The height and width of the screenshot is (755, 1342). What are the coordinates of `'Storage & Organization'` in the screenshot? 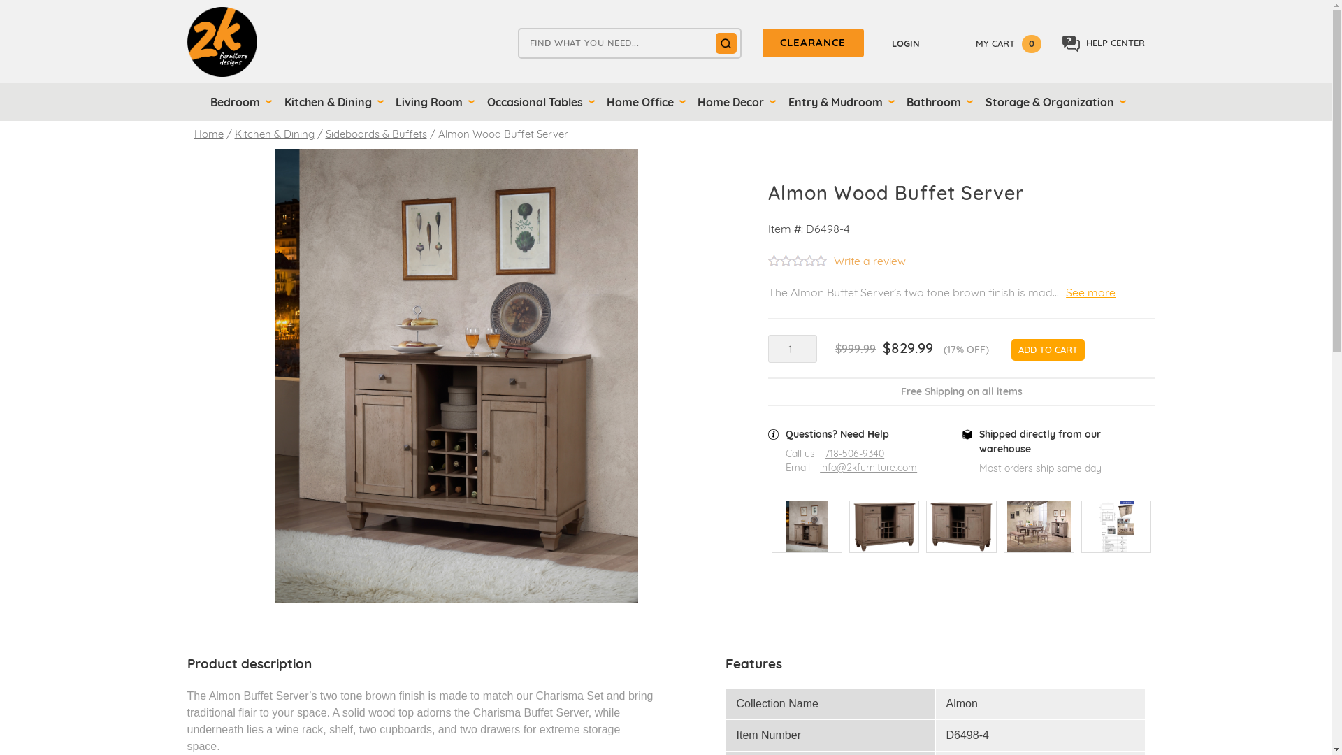 It's located at (1053, 101).